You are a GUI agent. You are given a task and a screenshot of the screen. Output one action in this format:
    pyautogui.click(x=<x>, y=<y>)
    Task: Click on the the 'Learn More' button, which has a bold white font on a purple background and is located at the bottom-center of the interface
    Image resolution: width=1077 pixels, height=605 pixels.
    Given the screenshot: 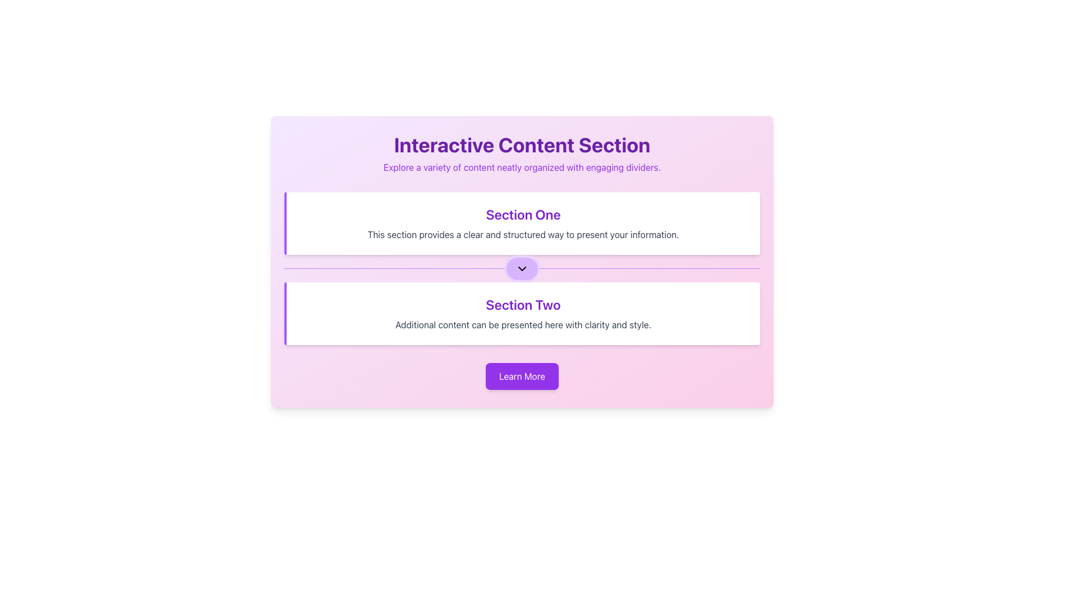 What is the action you would take?
    pyautogui.click(x=522, y=376)
    